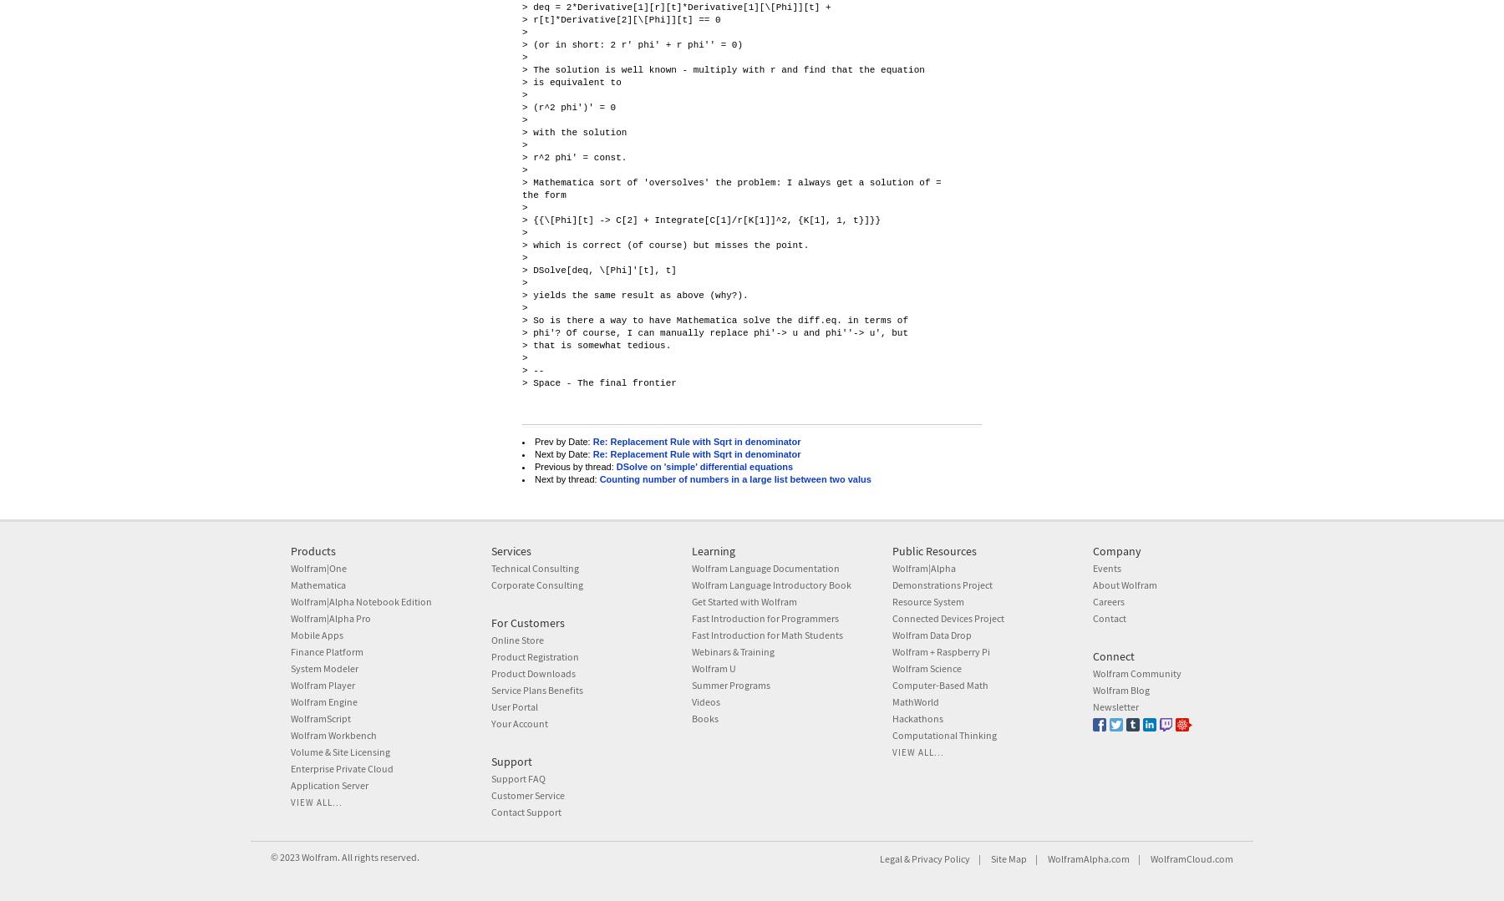 The height and width of the screenshot is (901, 1504). What do you see at coordinates (527, 622) in the screenshot?
I see `'For Customers'` at bounding box center [527, 622].